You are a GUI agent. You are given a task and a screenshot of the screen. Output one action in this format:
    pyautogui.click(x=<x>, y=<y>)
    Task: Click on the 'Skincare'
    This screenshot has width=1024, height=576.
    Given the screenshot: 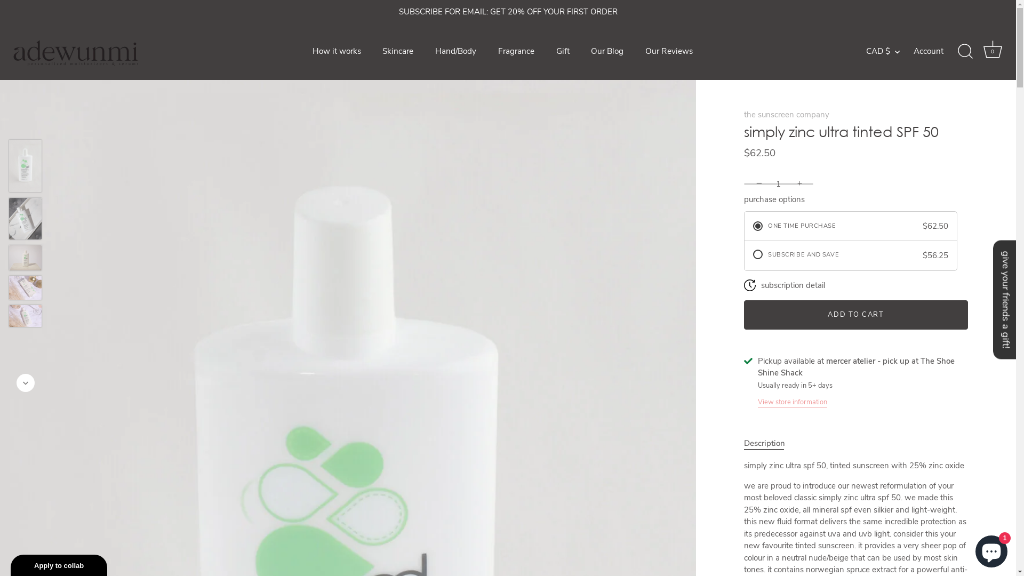 What is the action you would take?
    pyautogui.click(x=397, y=51)
    